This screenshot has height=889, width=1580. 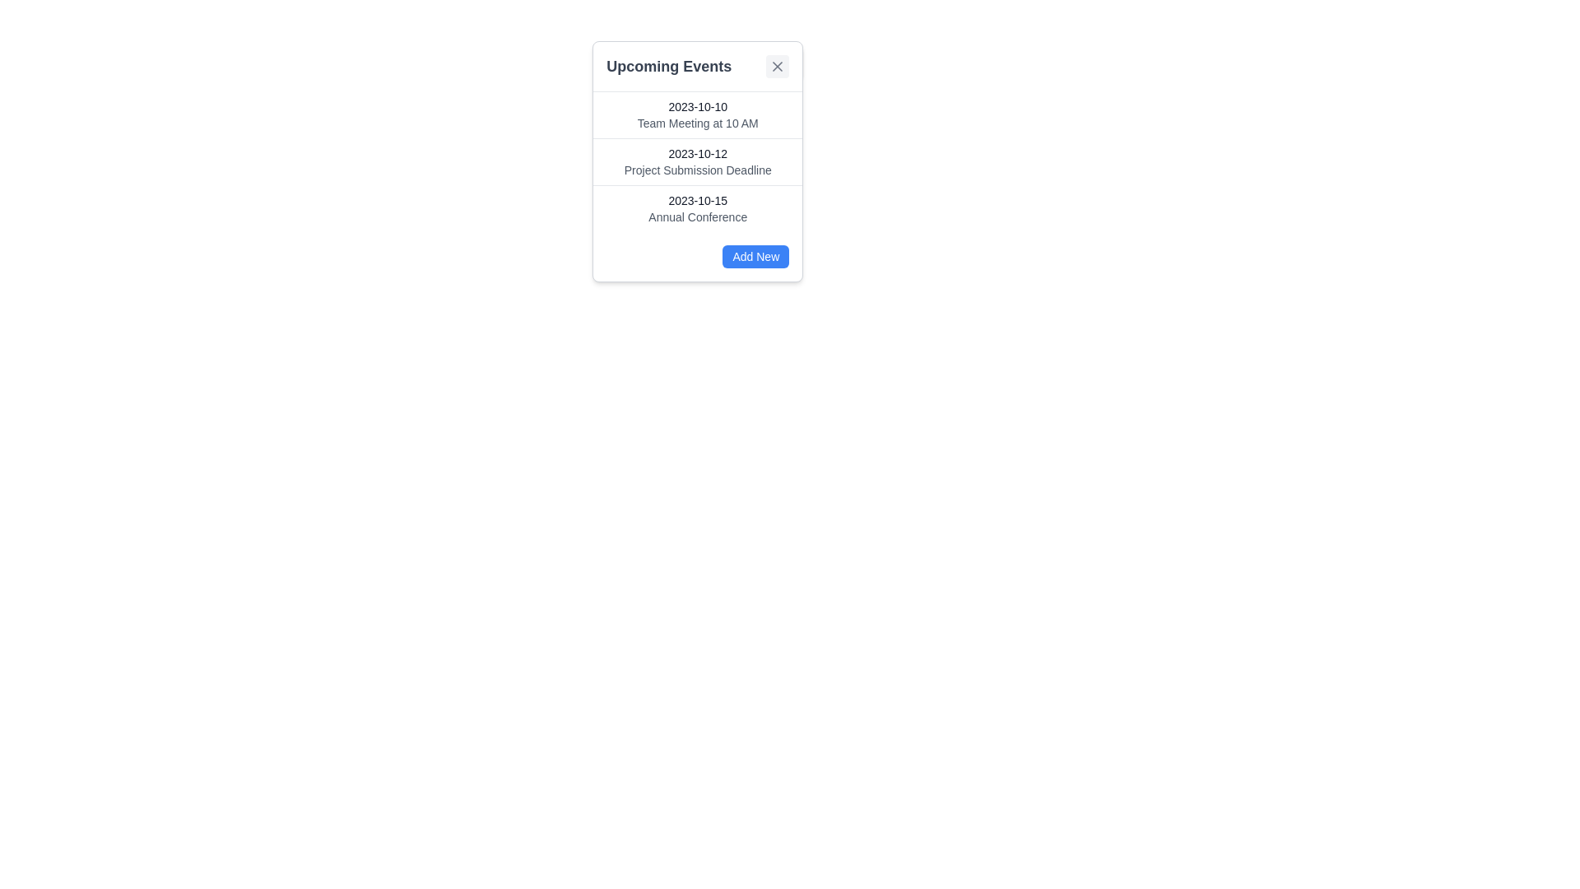 I want to click on the text label displaying the date '2023-10-12' in the second entry of the Upcoming Events panel, so click(x=698, y=153).